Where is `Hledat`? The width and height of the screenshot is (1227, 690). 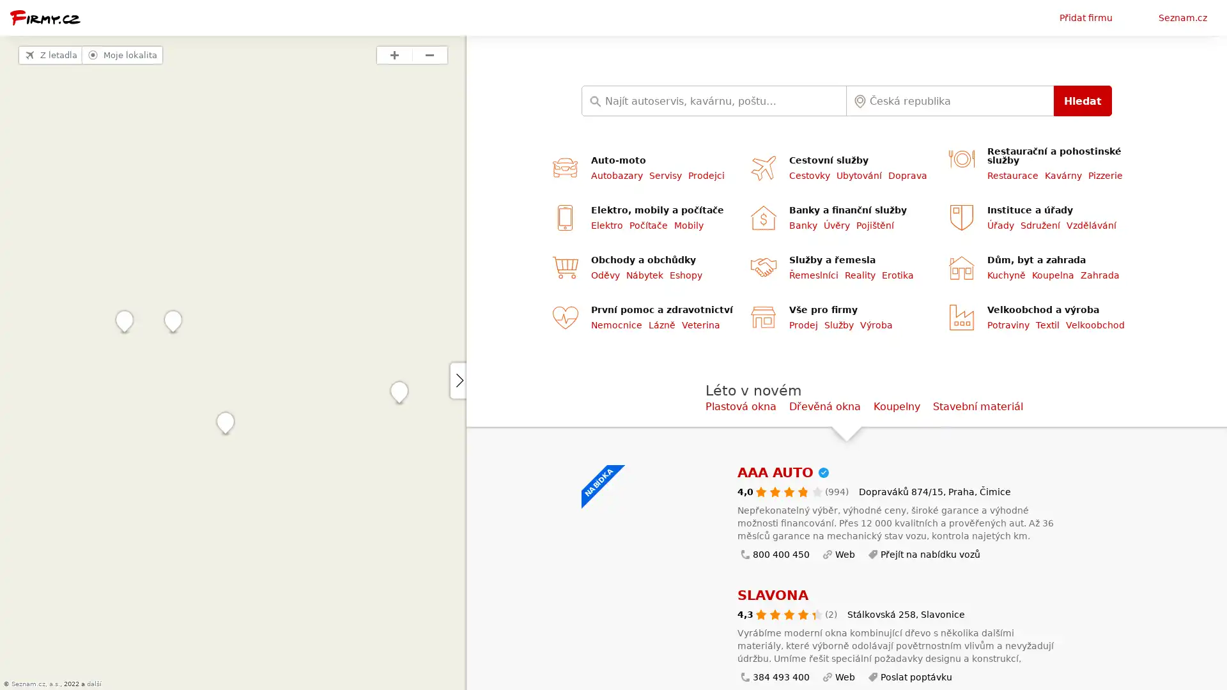
Hledat is located at coordinates (1081, 100).